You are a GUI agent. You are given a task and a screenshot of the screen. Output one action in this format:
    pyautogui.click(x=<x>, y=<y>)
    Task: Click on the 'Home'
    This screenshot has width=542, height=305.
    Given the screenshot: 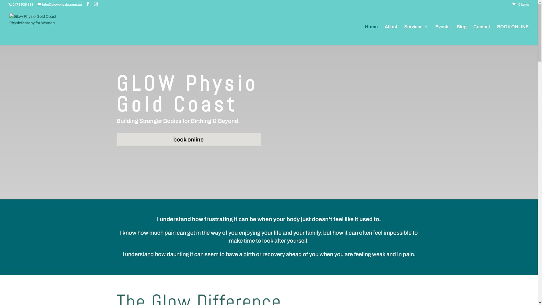 What is the action you would take?
    pyautogui.click(x=371, y=35)
    